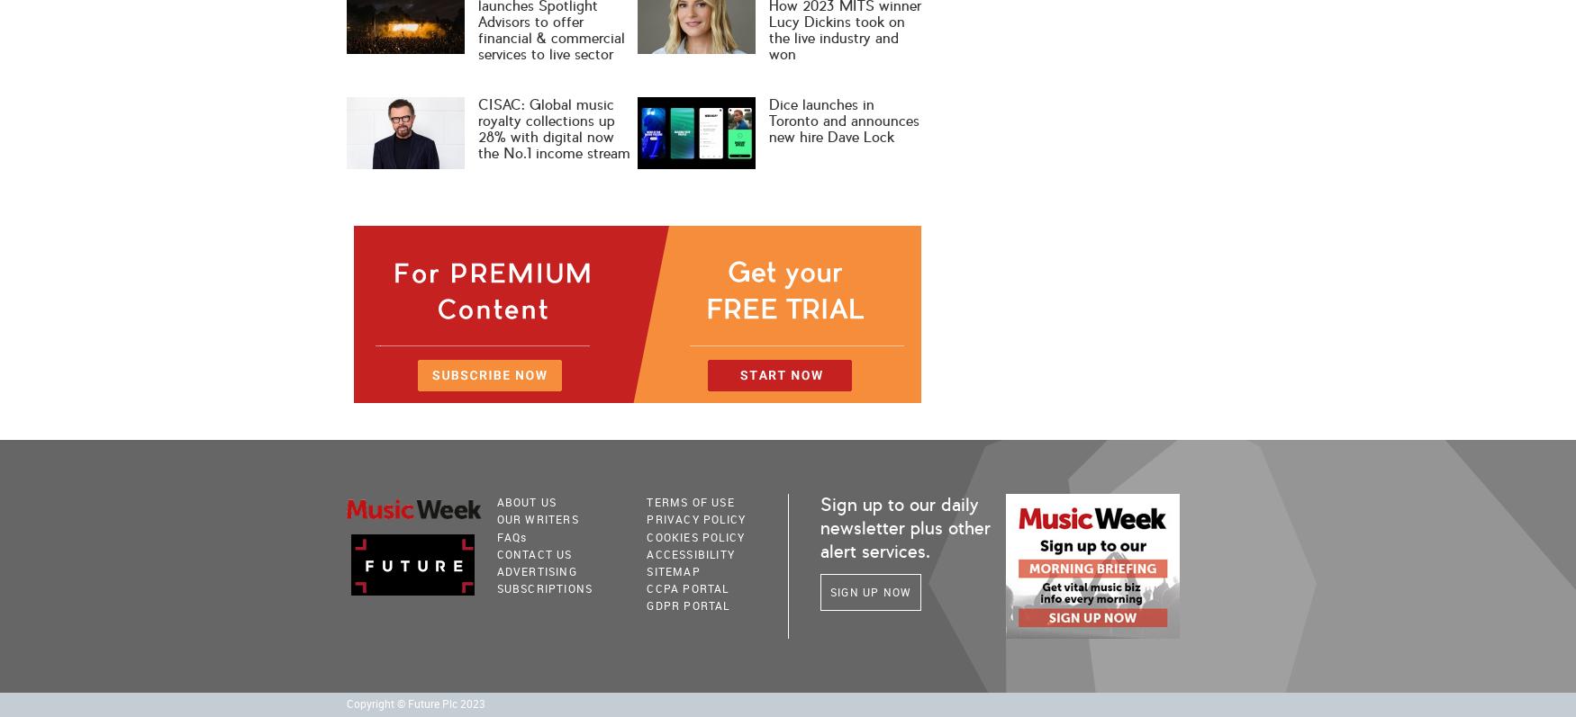 Image resolution: width=1576 pixels, height=717 pixels. What do you see at coordinates (871, 590) in the screenshot?
I see `'Sign Up Now'` at bounding box center [871, 590].